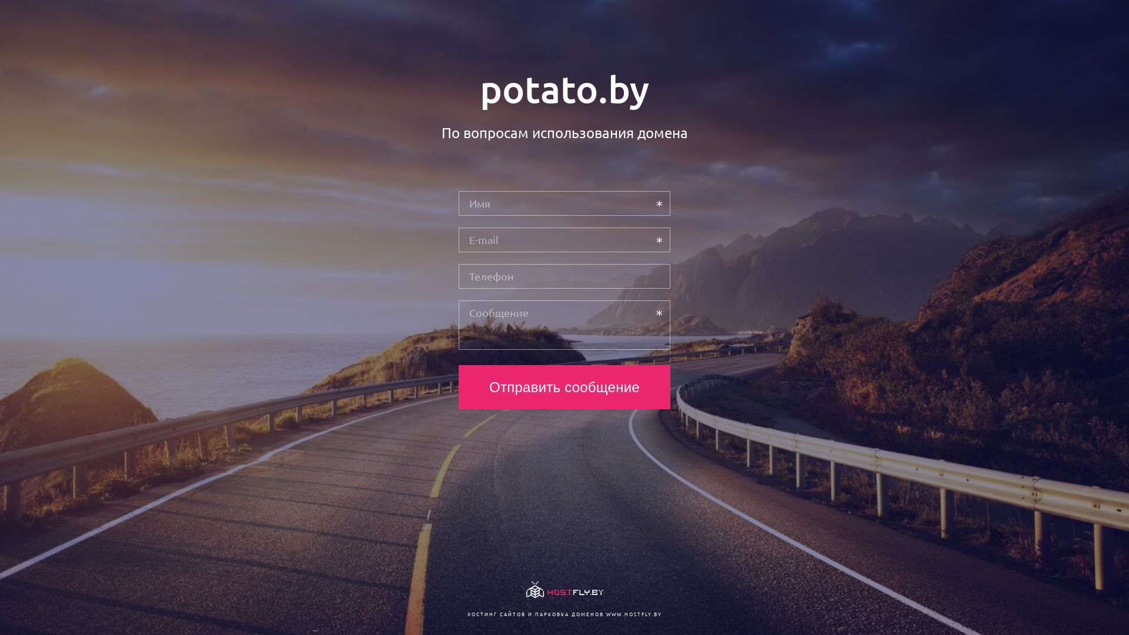  Describe the element at coordinates (633, 613) in the screenshot. I see `'WWW.HOSTFLY.BY'` at that location.